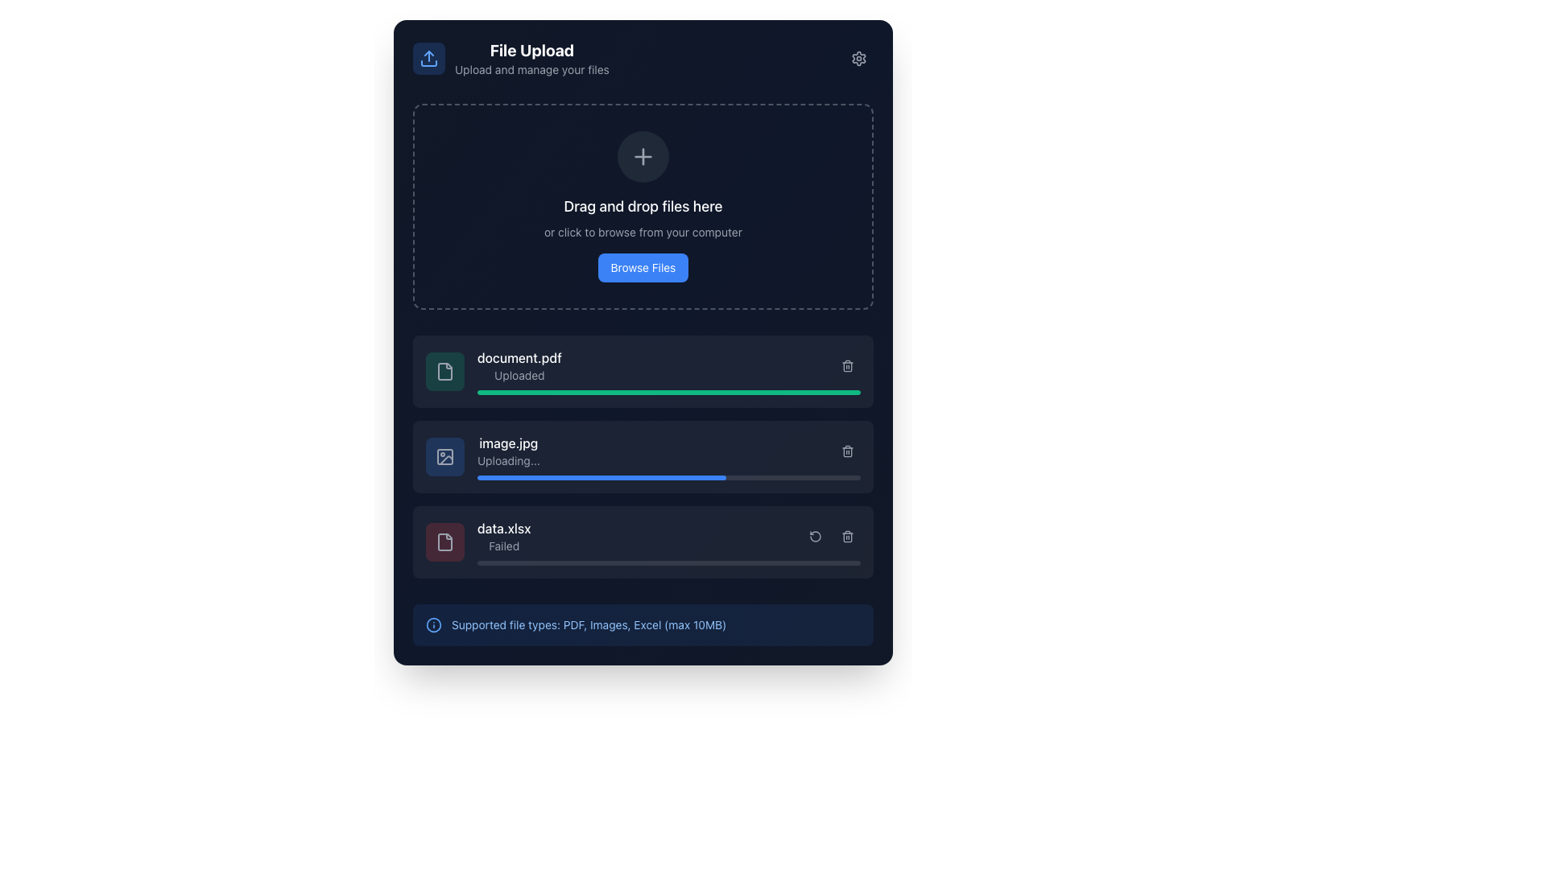 This screenshot has height=869, width=1546. I want to click on static text label that contains the instruction 'or click to browse from your computer', which is styled in a smaller font size and light gray color, located below the text 'Drag and drop files here', so click(642, 233).